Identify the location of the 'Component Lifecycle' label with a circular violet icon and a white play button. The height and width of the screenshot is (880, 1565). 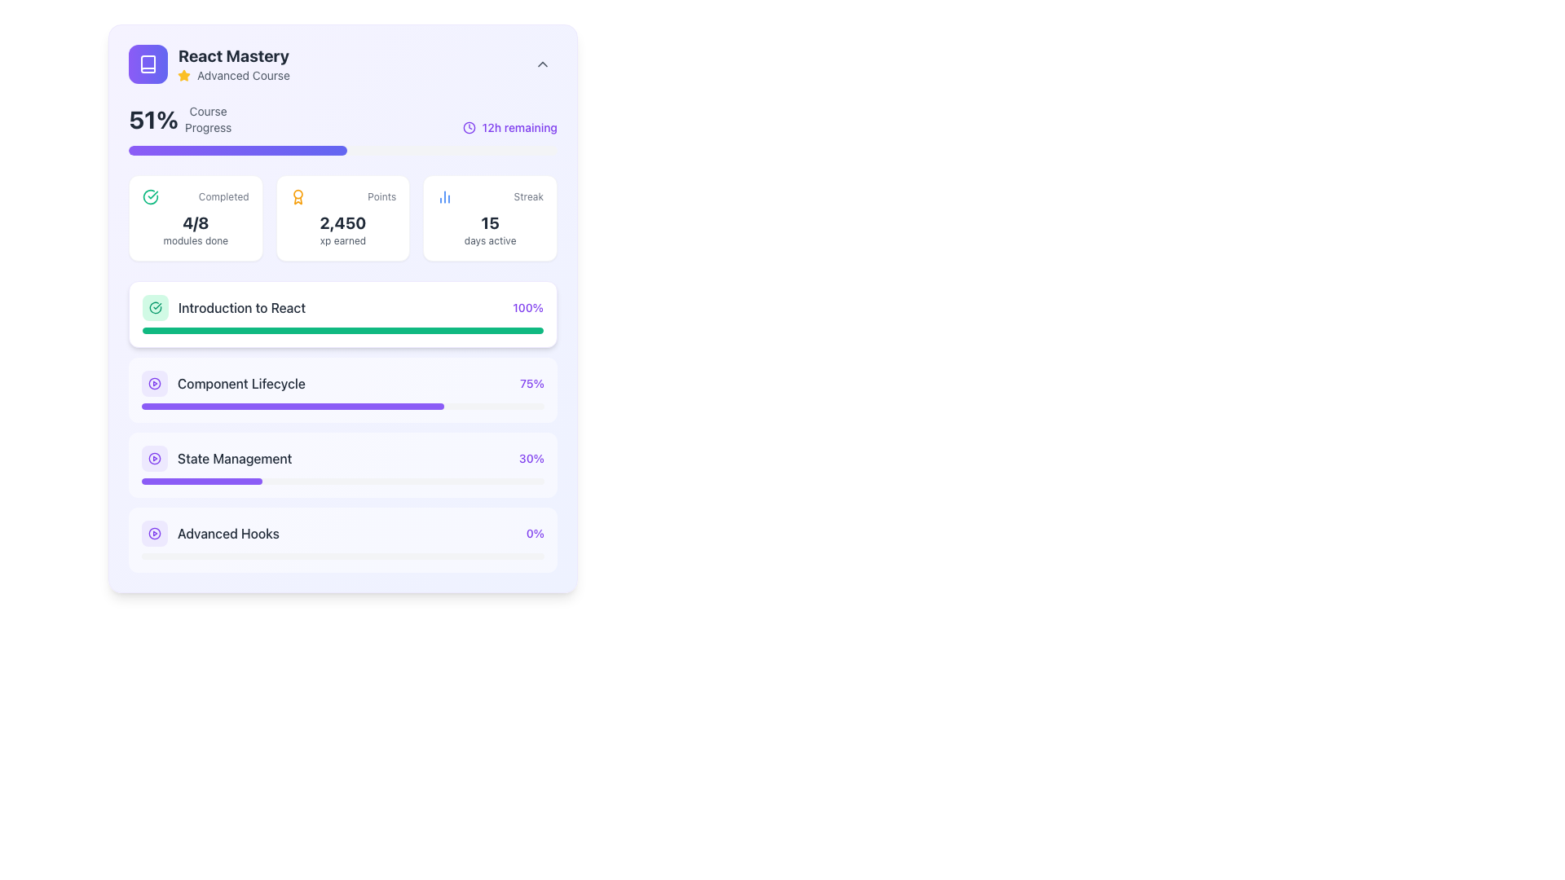
(223, 383).